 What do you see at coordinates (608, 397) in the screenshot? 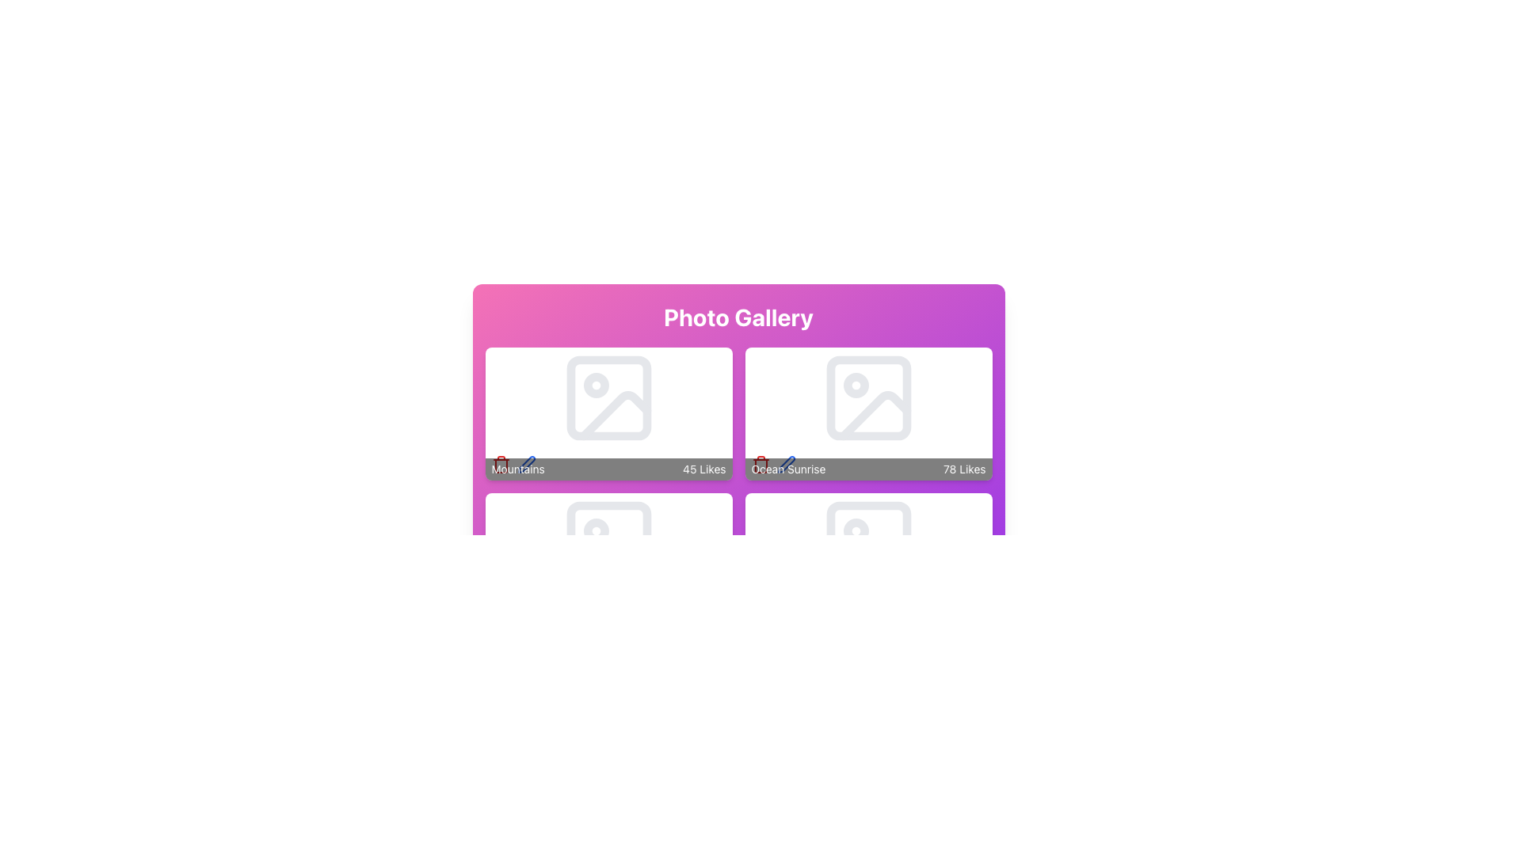
I see `the pale gray decorative graphic rectangle with rounded corners located within the upper left grid cell of the photo gallery layout` at bounding box center [608, 397].